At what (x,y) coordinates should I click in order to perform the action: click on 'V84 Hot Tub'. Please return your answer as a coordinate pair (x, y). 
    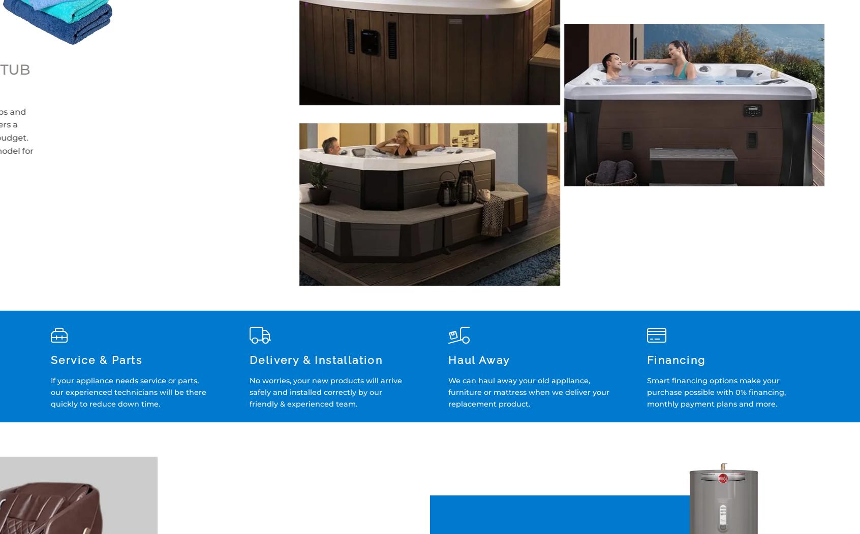
    Looking at the image, I should click on (694, 70).